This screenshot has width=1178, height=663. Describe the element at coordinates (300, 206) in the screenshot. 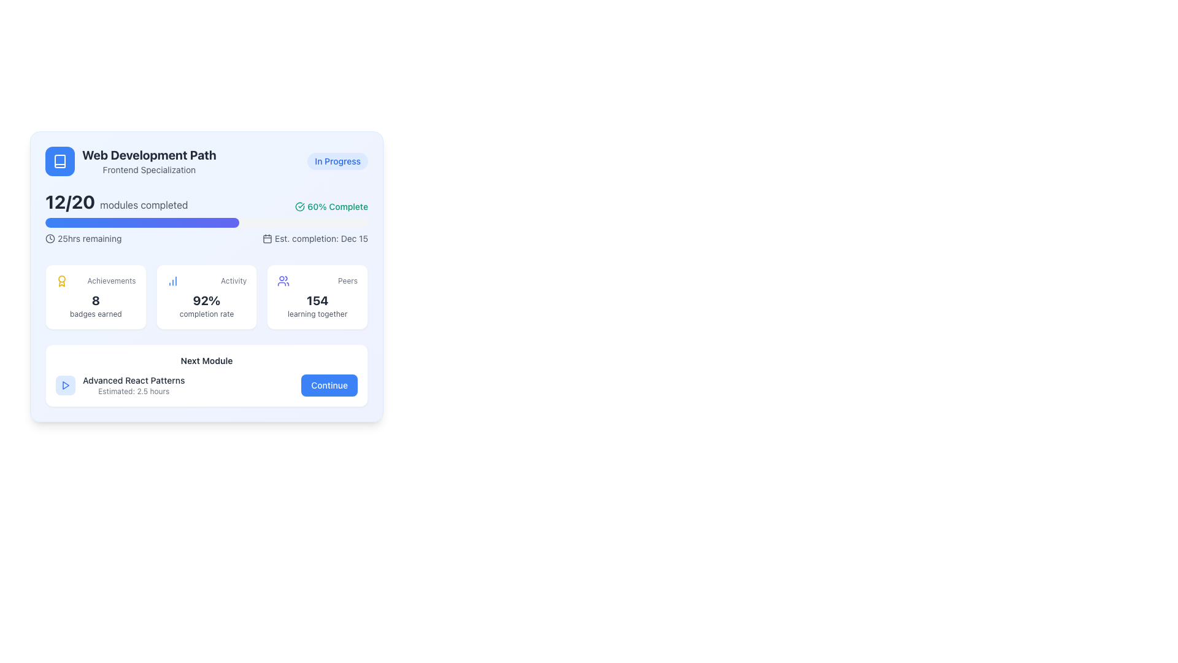

I see `the green checkmark icon located to the left of the text '60% Complete' in the progress metrics section` at that location.